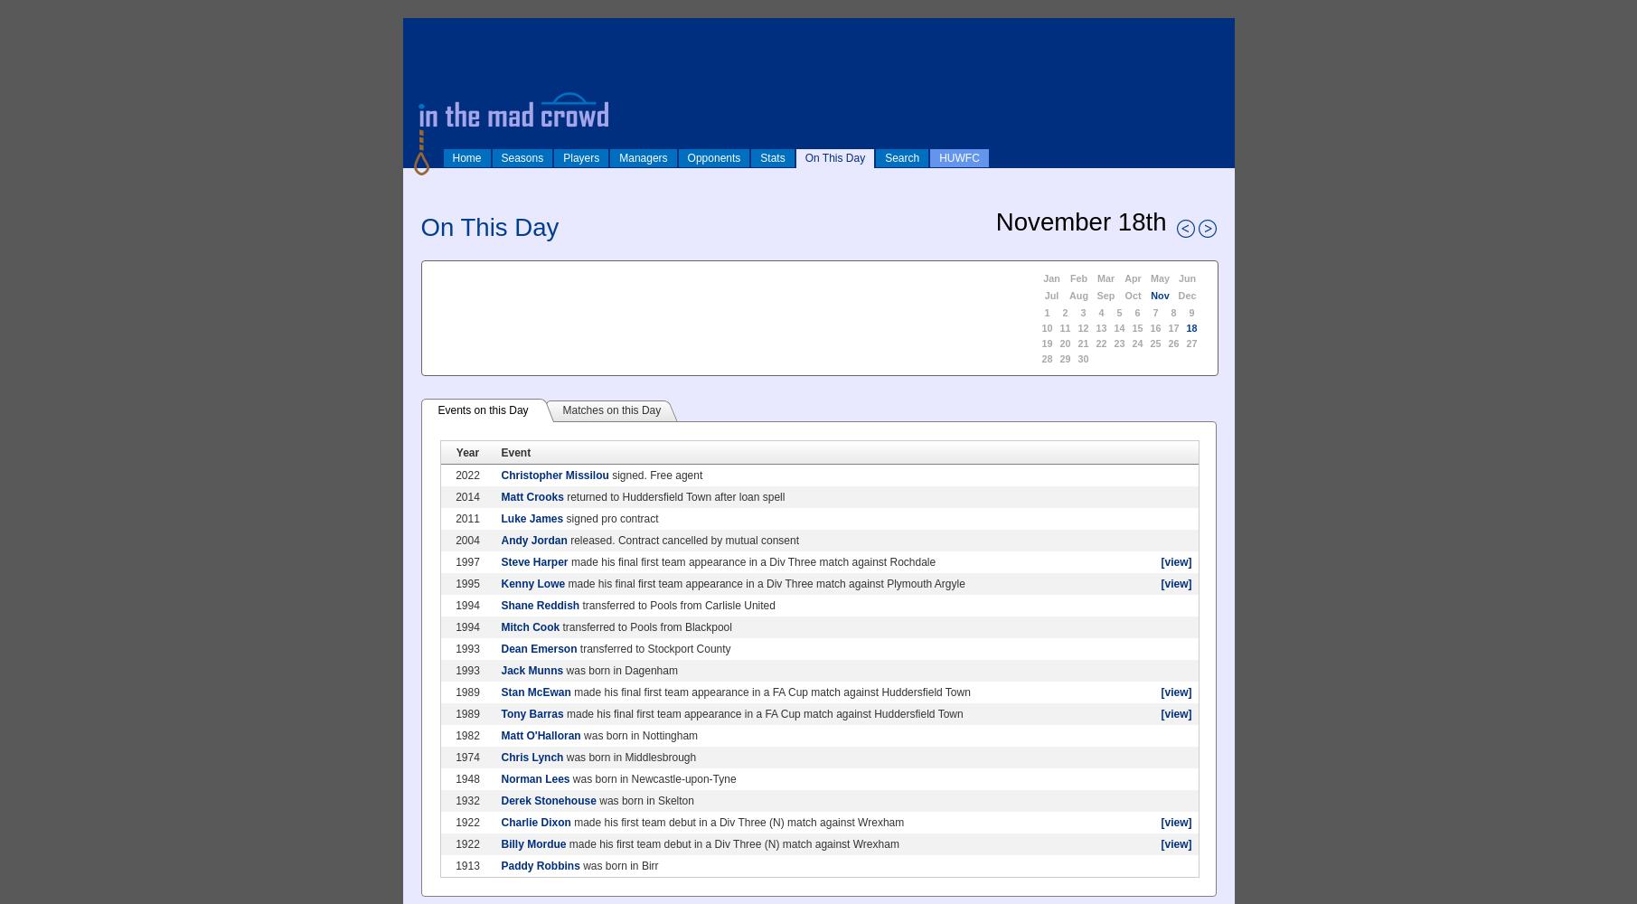 The image size is (1637, 904). Describe the element at coordinates (466, 778) in the screenshot. I see `'1948'` at that location.